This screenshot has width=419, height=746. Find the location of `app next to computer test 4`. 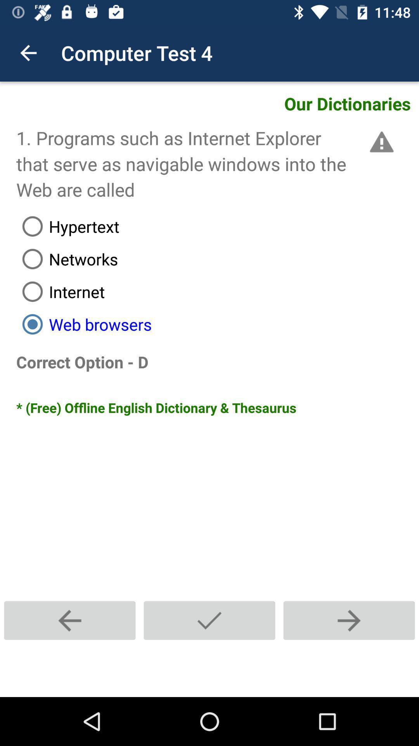

app next to computer test 4 is located at coordinates (28, 52).